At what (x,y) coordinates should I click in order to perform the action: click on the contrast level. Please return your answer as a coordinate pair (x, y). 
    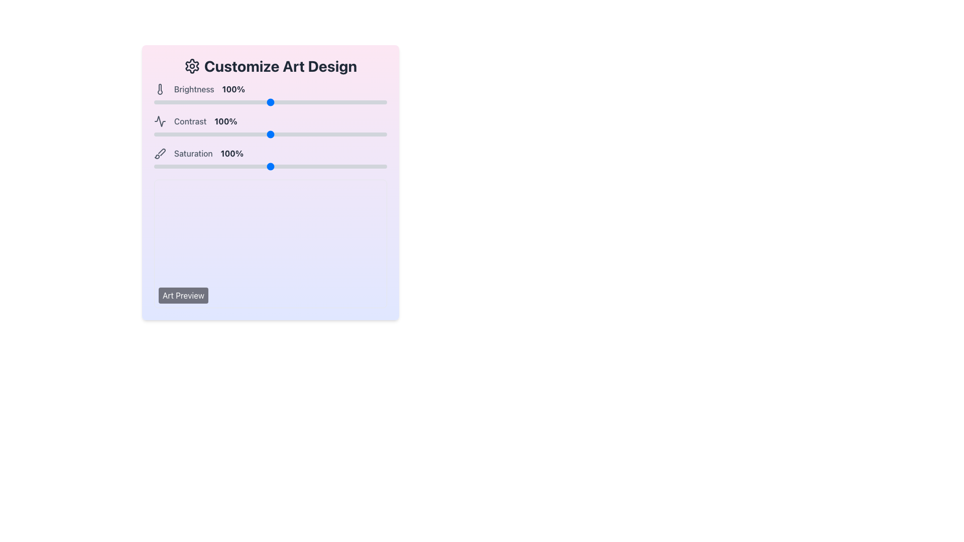
    Looking at the image, I should click on (320, 133).